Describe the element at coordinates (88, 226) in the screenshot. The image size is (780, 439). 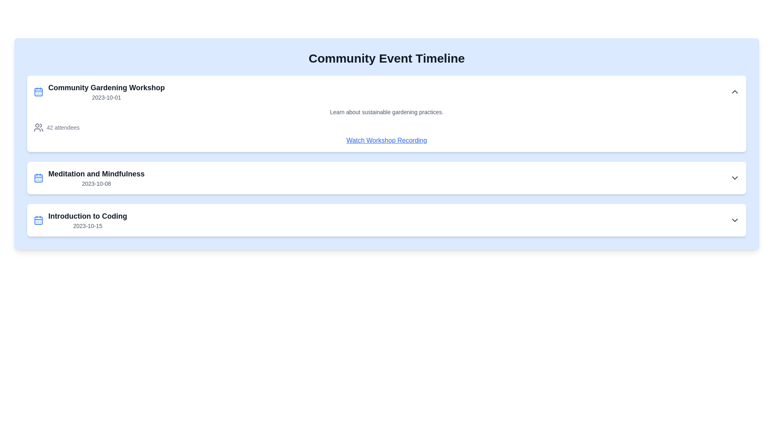
I see `the text displaying the date '2023-10-15', which is located below the title 'Introduction to Coding' in the event information section` at that location.